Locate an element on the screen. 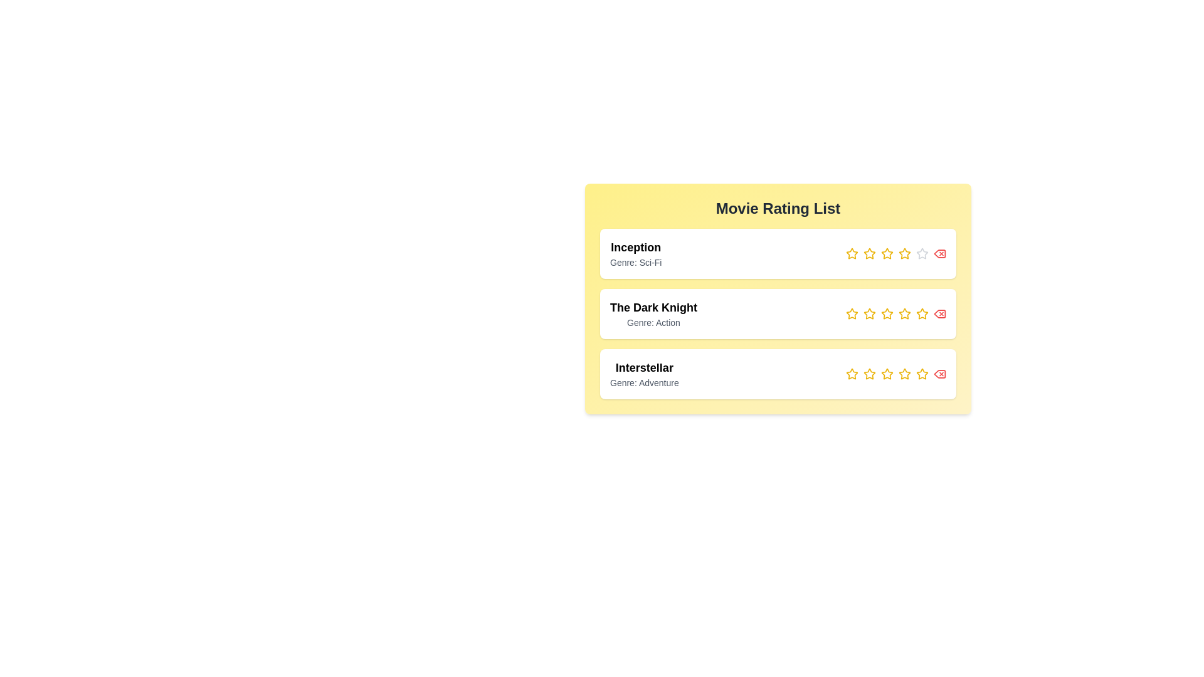 This screenshot has width=1204, height=677. the delete icon for the movie titled 'The Dark Knight' is located at coordinates (939, 313).